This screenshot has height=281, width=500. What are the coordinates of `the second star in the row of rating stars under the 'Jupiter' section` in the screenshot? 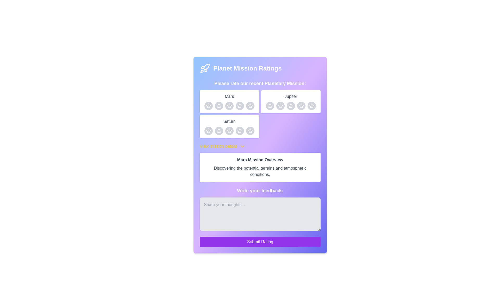 It's located at (270, 106).